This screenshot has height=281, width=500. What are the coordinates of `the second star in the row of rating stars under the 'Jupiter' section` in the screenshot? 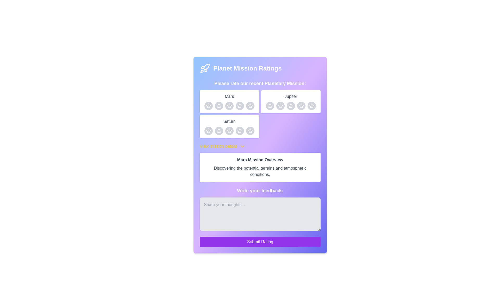 It's located at (270, 106).